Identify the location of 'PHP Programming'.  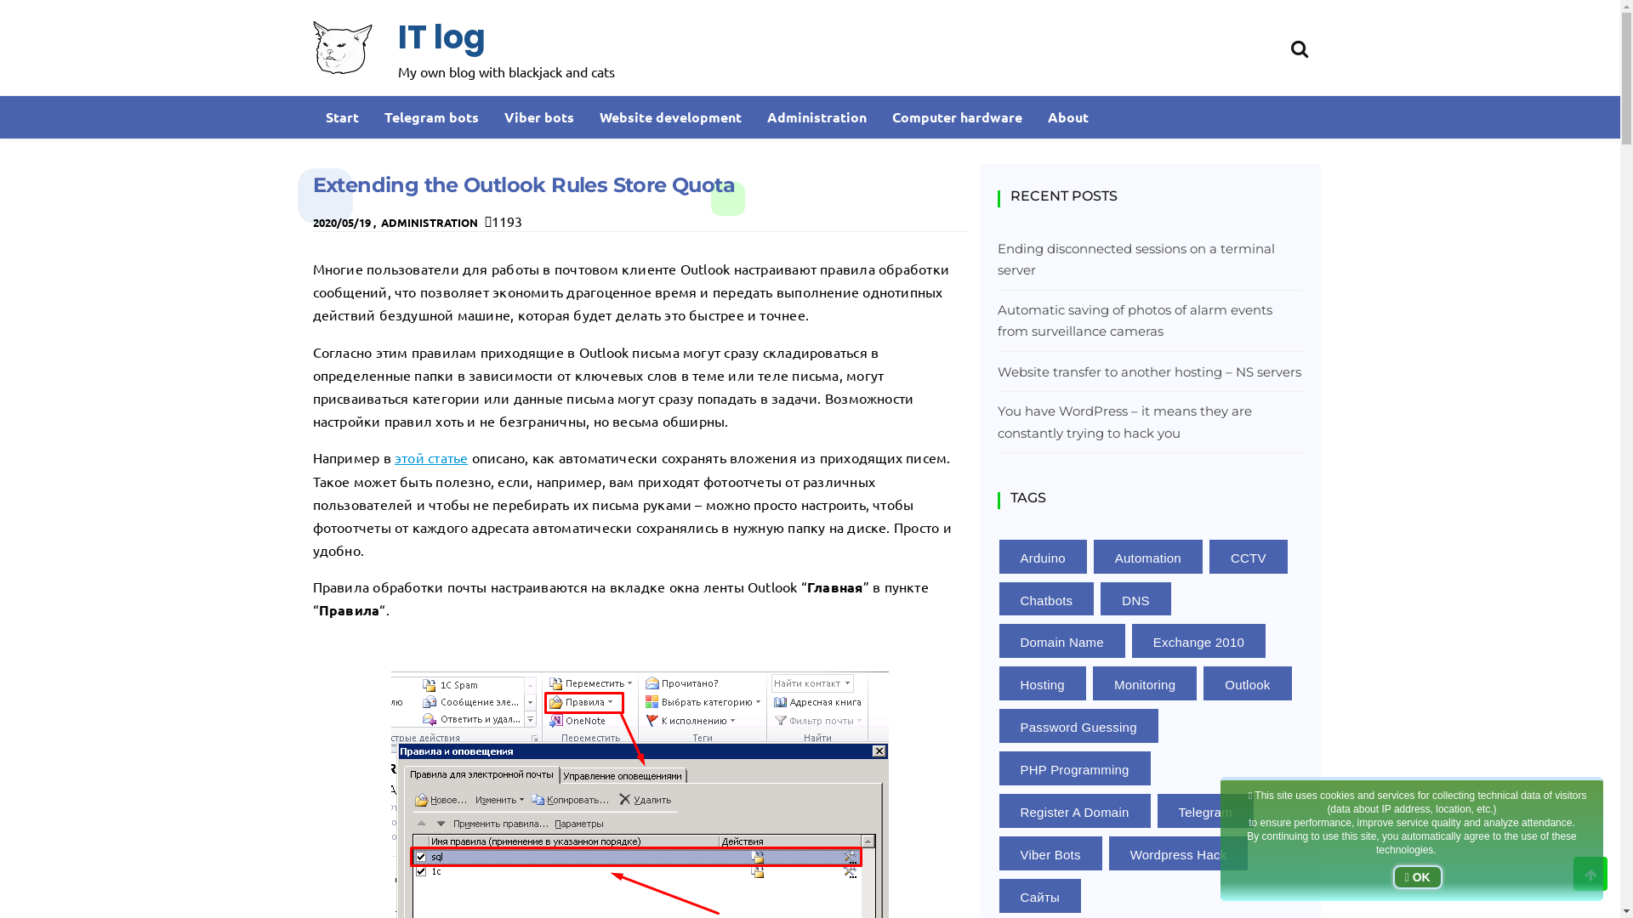
(999, 768).